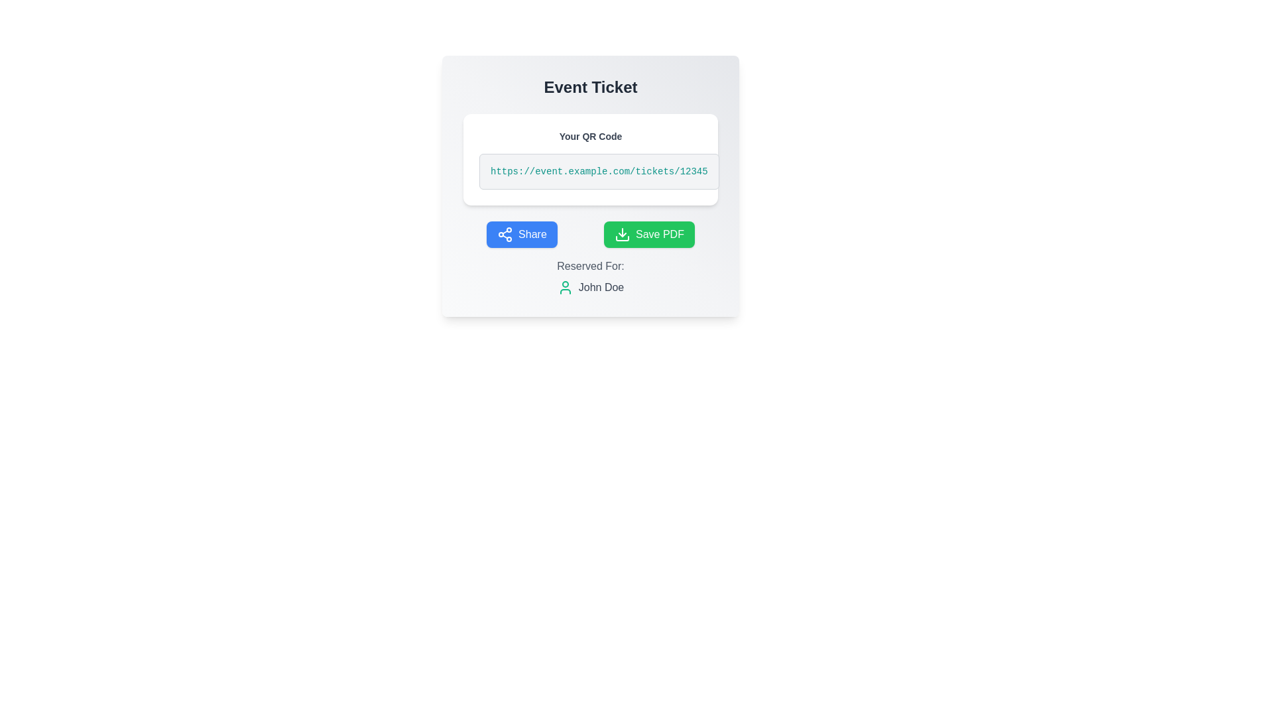  Describe the element at coordinates (601, 287) in the screenshot. I see `the name text that is centrally positioned inside the rectangular area labeled 'Reserved For', which serves as the name of a reserved individual for an event or ticket` at that location.